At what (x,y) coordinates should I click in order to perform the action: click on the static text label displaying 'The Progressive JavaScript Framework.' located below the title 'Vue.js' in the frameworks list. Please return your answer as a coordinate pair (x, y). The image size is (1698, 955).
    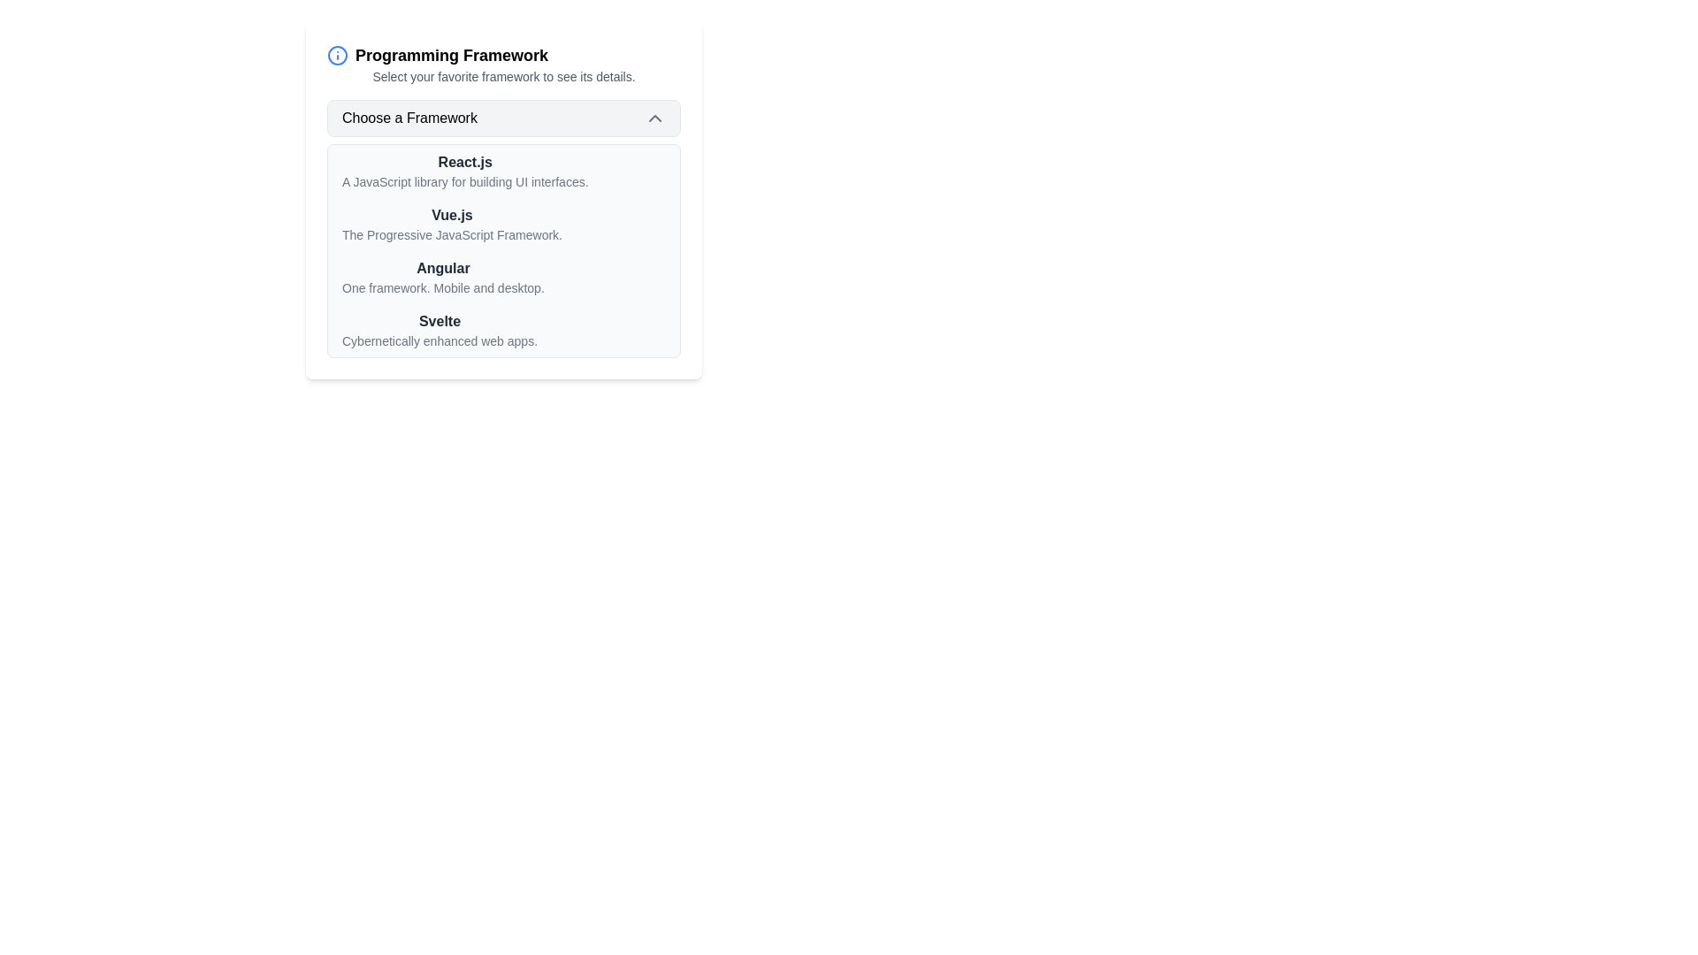
    Looking at the image, I should click on (452, 234).